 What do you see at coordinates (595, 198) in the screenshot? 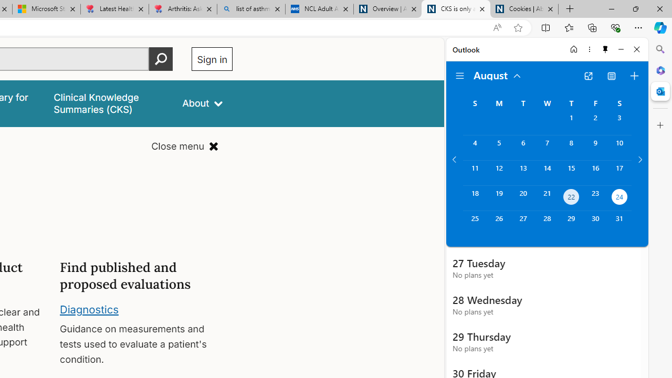
I see `'Friday, August 23, 2024. '` at bounding box center [595, 198].